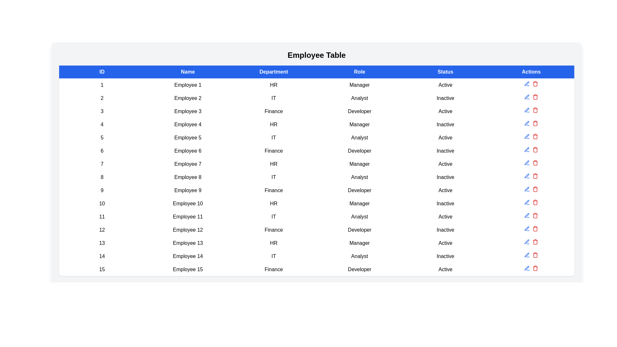  Describe the element at coordinates (531, 72) in the screenshot. I see `the column header labeled 'Actions' to sort the table rows by that column` at that location.